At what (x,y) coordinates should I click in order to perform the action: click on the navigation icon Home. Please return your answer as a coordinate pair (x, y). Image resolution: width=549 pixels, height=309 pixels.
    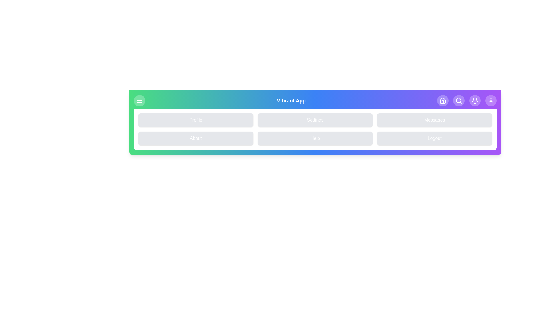
    Looking at the image, I should click on (443, 100).